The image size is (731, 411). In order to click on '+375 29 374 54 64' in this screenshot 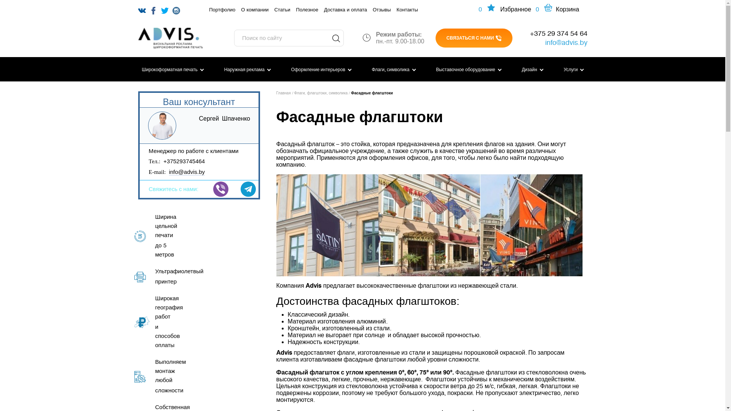, I will do `click(522, 33)`.